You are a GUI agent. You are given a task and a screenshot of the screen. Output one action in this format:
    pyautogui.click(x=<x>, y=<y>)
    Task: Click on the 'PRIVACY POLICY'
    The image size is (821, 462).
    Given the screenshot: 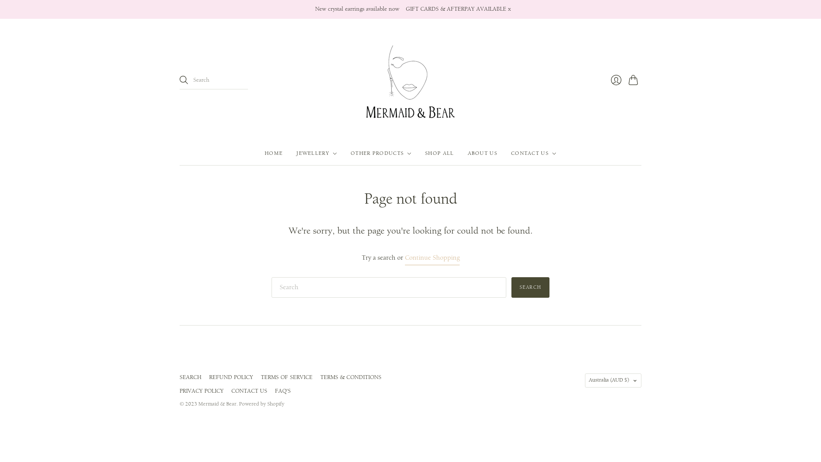 What is the action you would take?
    pyautogui.click(x=201, y=391)
    